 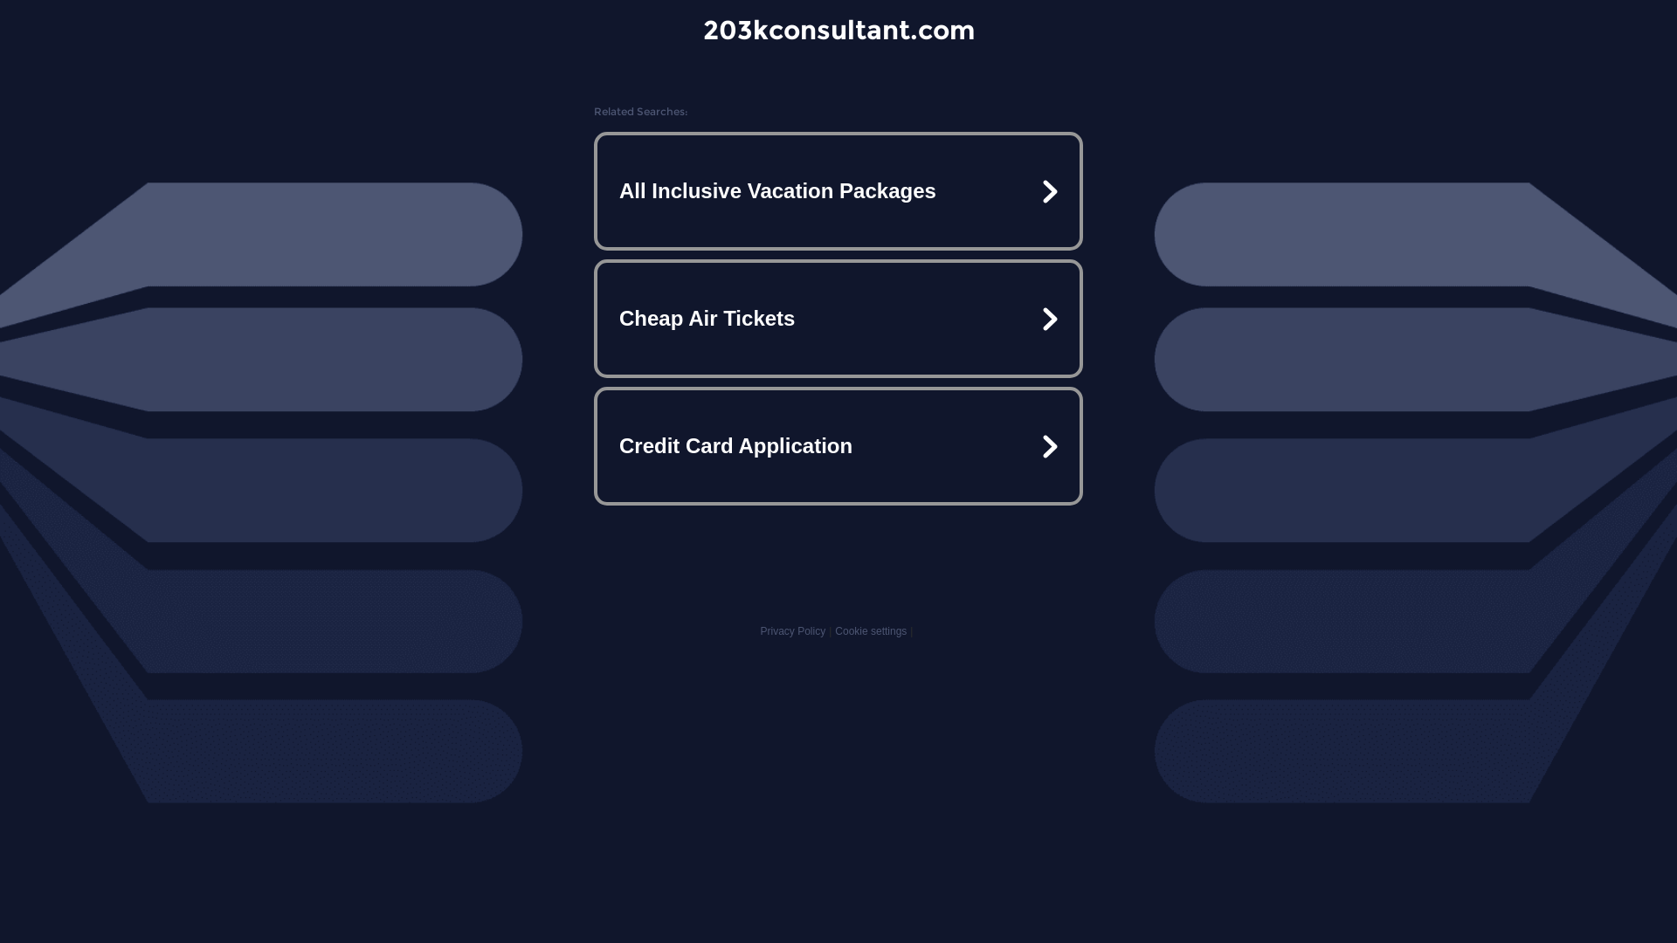 What do you see at coordinates (833, 630) in the screenshot?
I see `'Cookie settings'` at bounding box center [833, 630].